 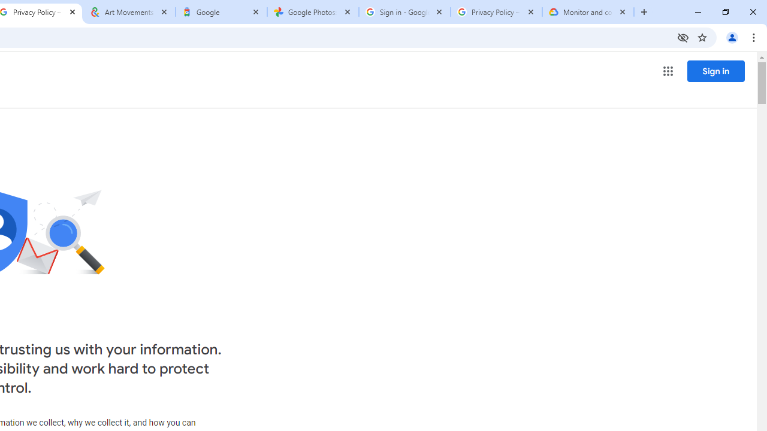 What do you see at coordinates (221, 12) in the screenshot?
I see `'Google'` at bounding box center [221, 12].